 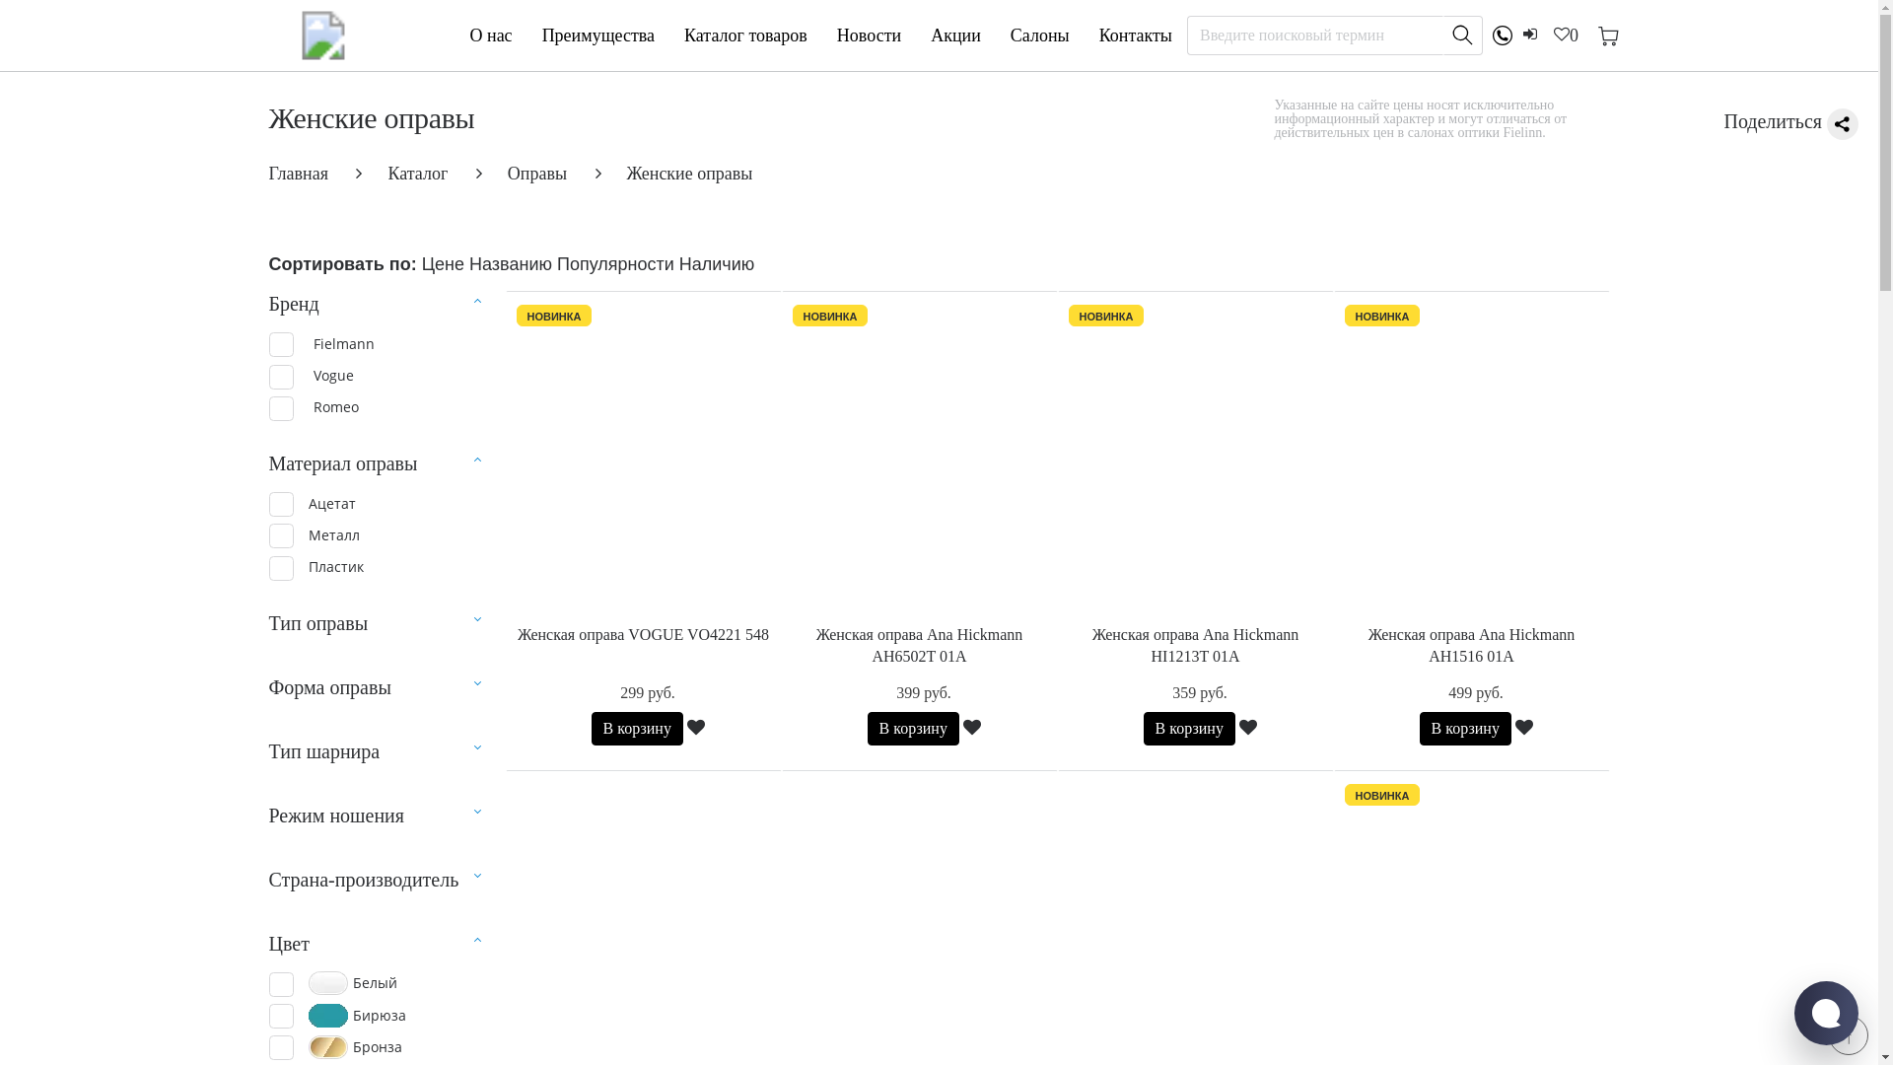 I want to click on 'Fielmann', so click(x=320, y=342).